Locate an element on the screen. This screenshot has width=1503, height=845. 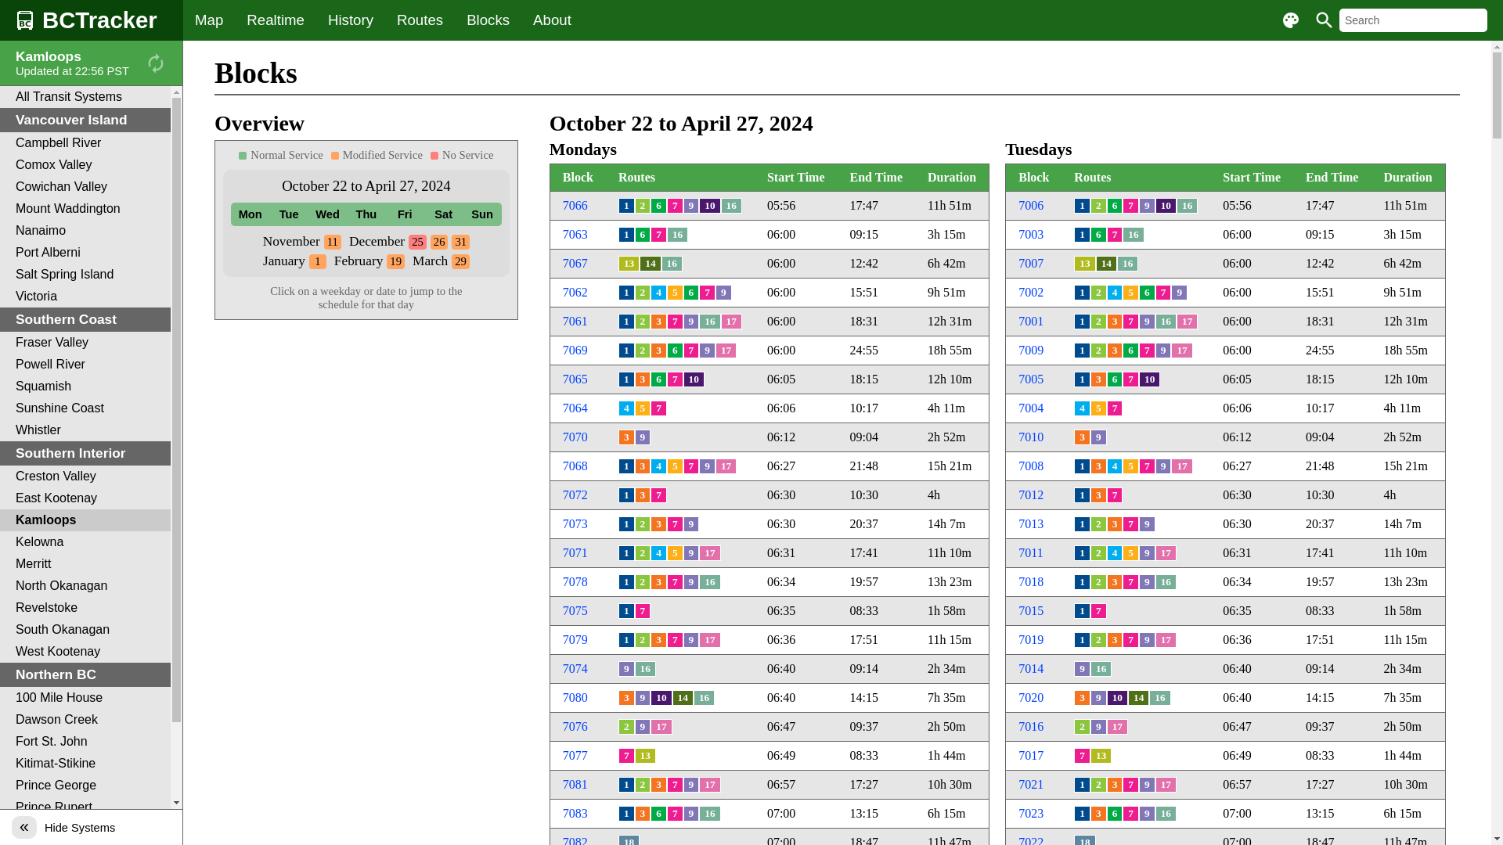
'7' is located at coordinates (658, 407).